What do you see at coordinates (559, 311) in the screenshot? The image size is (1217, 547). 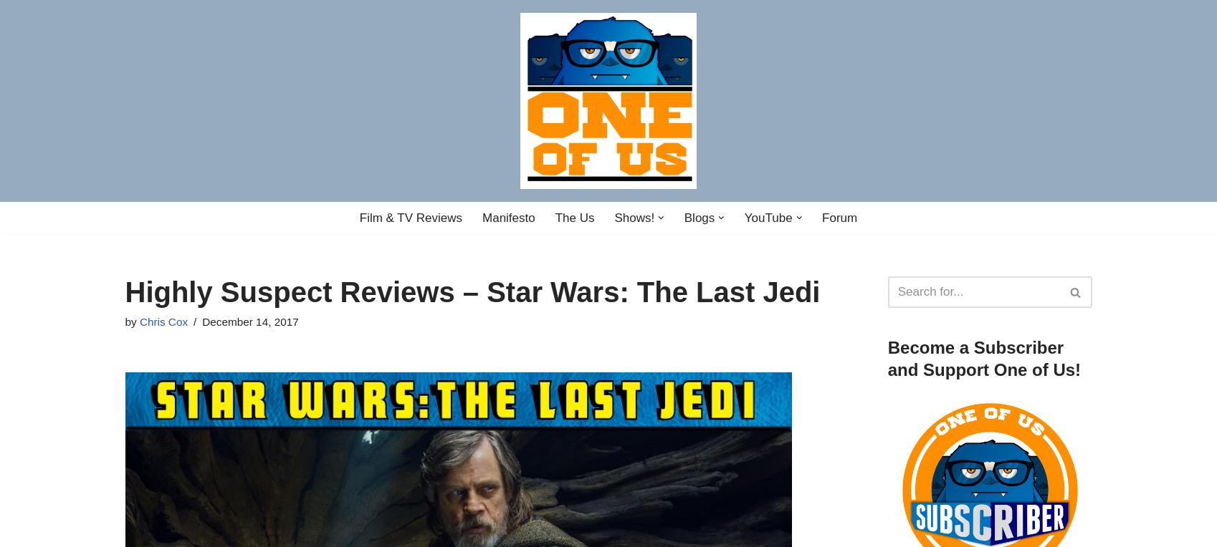 I see `'Digital Noise'` at bounding box center [559, 311].